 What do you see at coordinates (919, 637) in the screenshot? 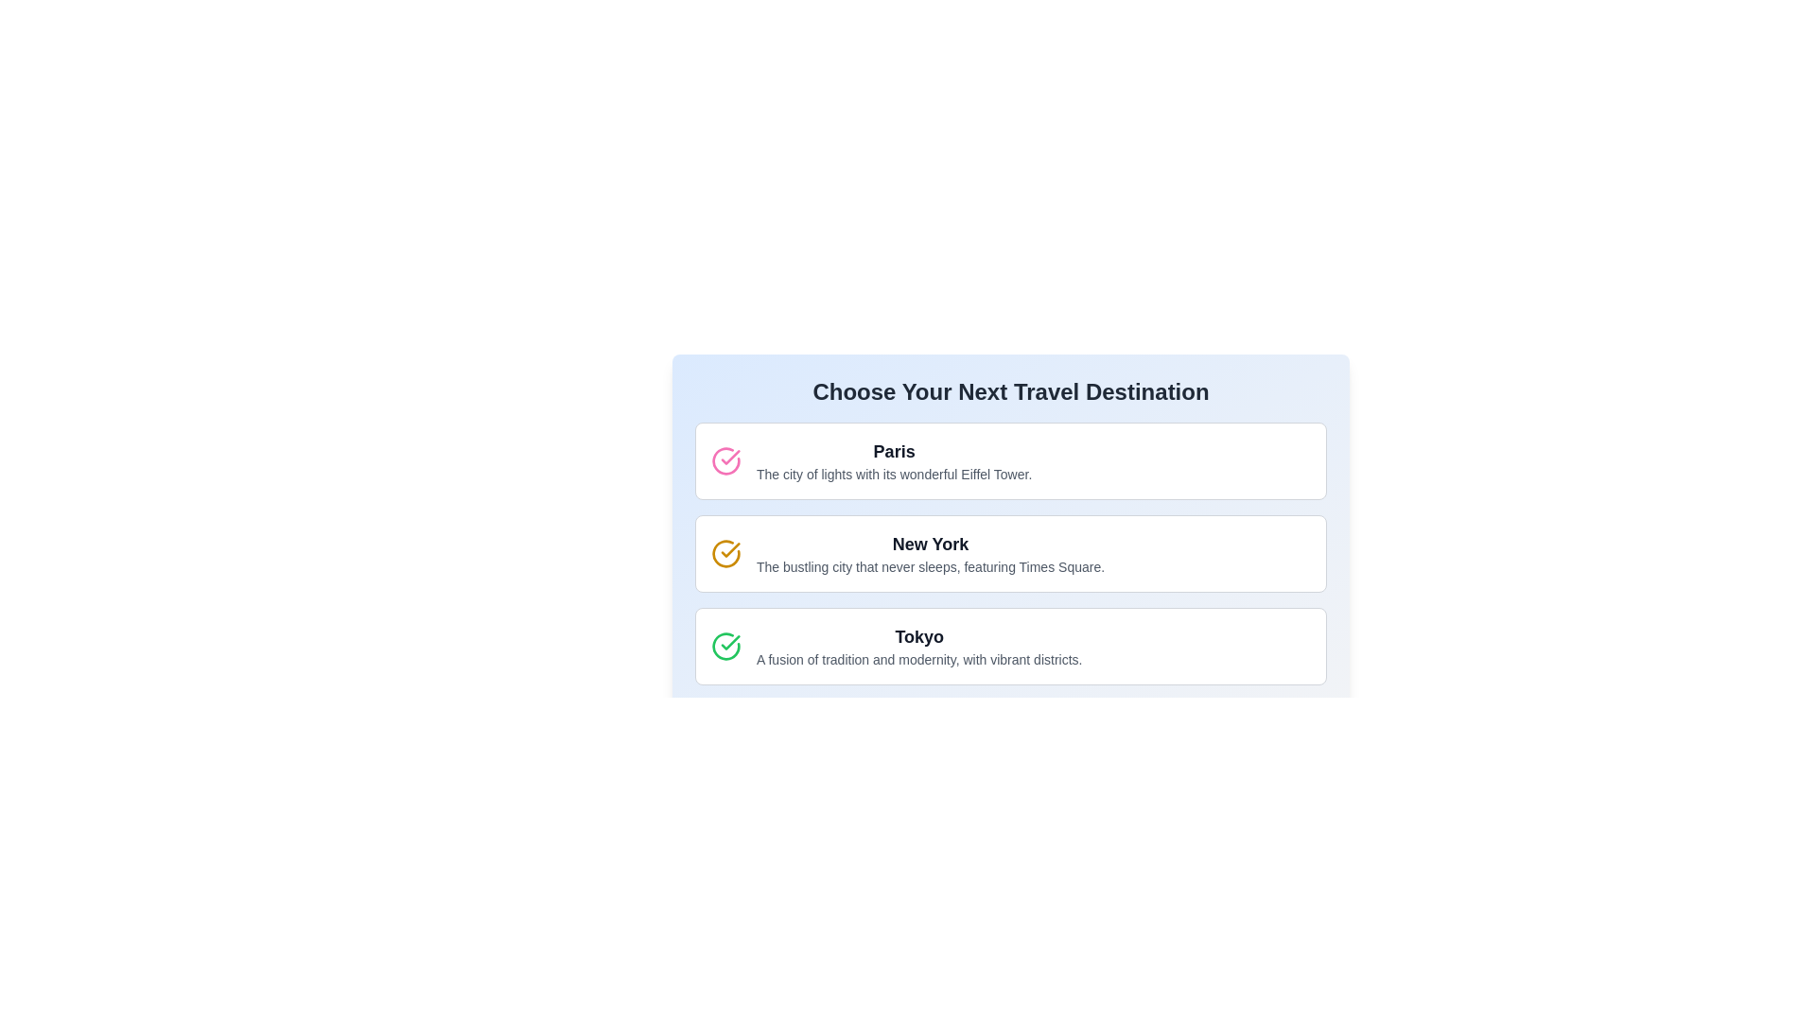
I see `the Text Label that serves as a heading for the travel destination 'Tokyo,' located above the description text in the third group of the travel destinations list` at bounding box center [919, 637].